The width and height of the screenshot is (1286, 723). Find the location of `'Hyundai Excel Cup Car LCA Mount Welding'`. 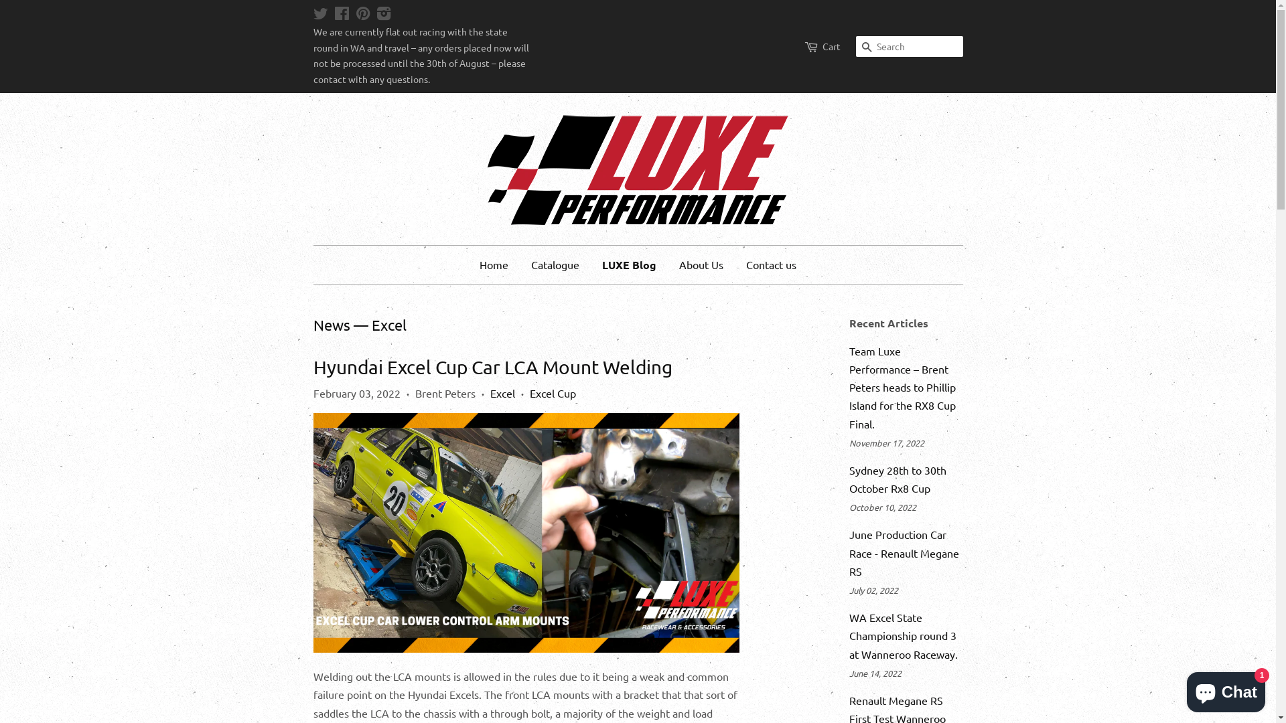

'Hyundai Excel Cup Car LCA Mount Welding' is located at coordinates (492, 367).